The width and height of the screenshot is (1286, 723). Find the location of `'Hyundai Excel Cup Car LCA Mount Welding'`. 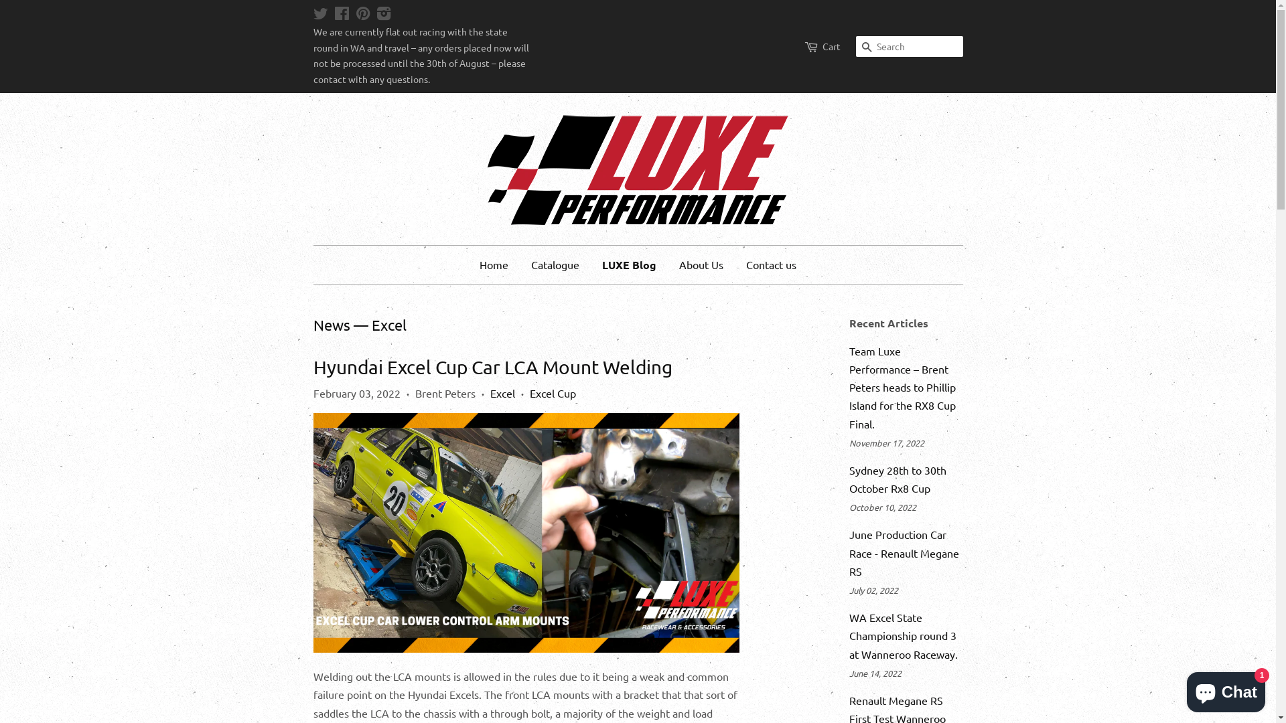

'Hyundai Excel Cup Car LCA Mount Welding' is located at coordinates (492, 367).